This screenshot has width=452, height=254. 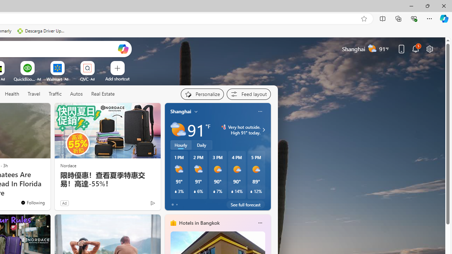 I want to click on 'Real Estate', so click(x=102, y=94).